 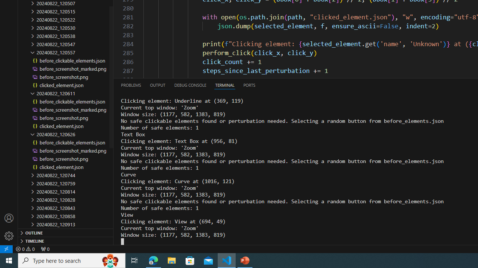 I want to click on 'Manage', so click(x=9, y=227).